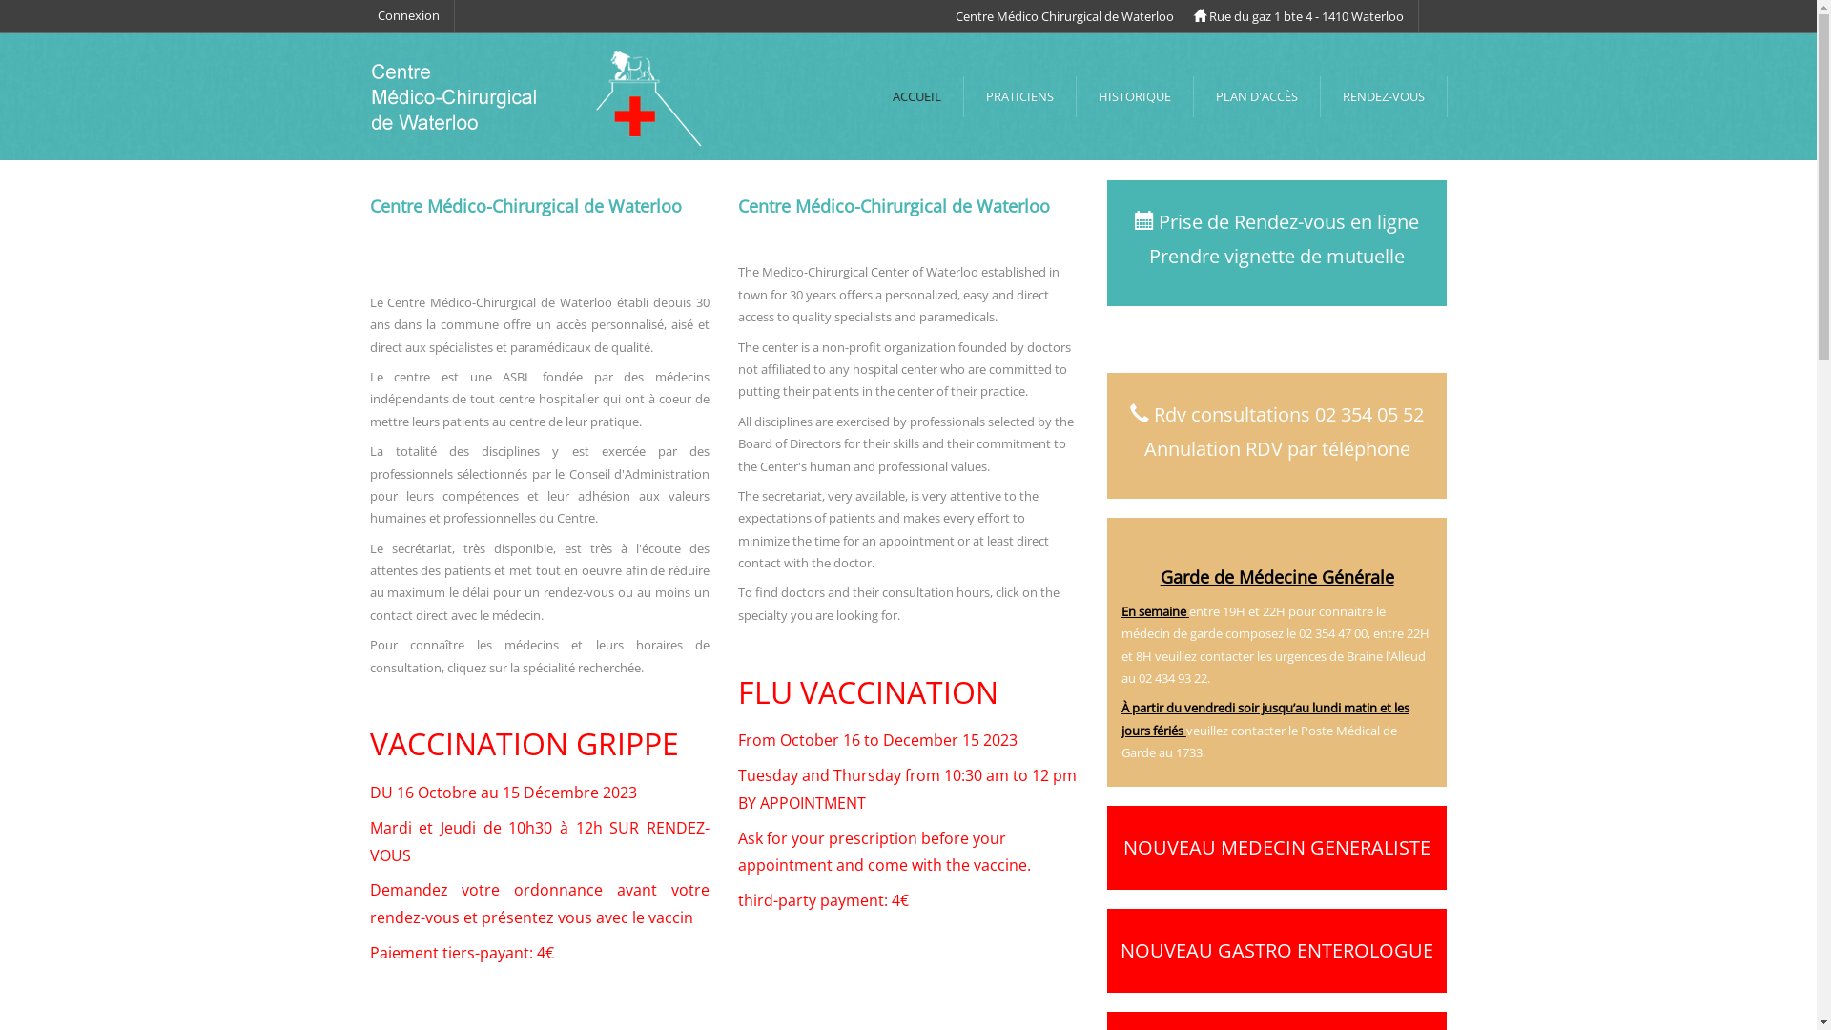 Image resolution: width=1831 pixels, height=1030 pixels. I want to click on 'Prise de Rendez-vous en ligne', so click(1157, 220).